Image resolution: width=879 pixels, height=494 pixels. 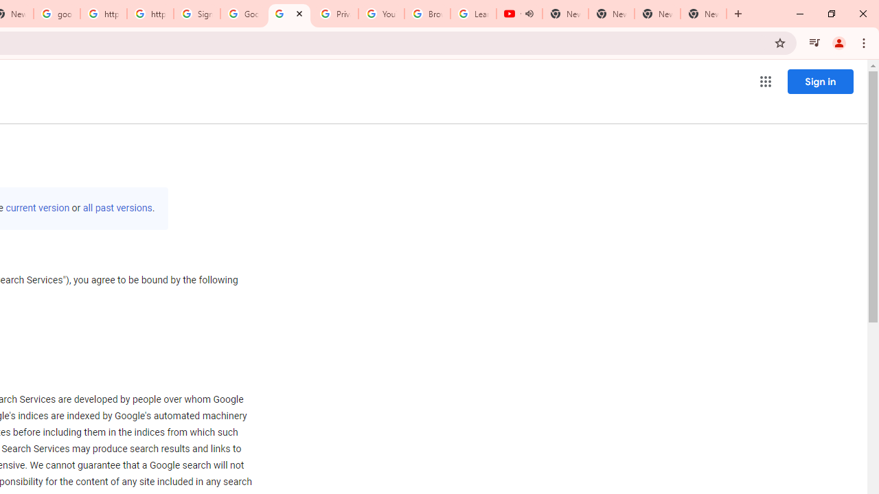 I want to click on 'Mute tab', so click(x=529, y=14).